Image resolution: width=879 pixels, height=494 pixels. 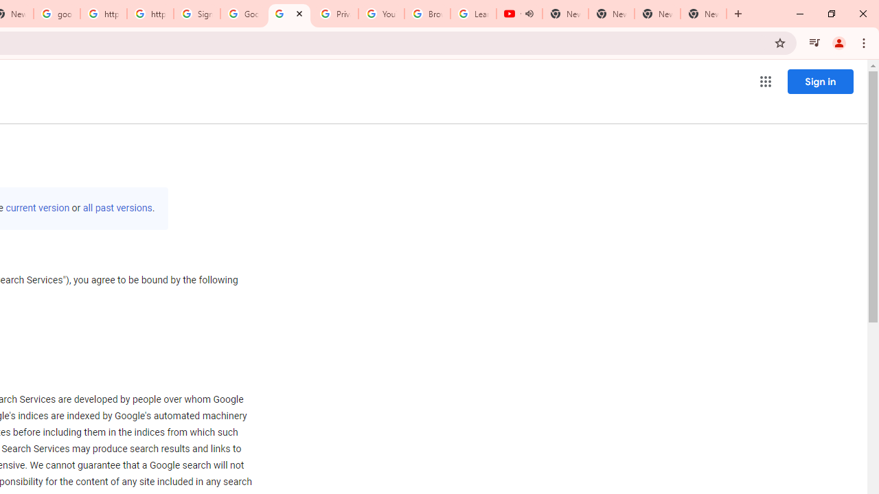 I want to click on 'Mute tab', so click(x=529, y=14).